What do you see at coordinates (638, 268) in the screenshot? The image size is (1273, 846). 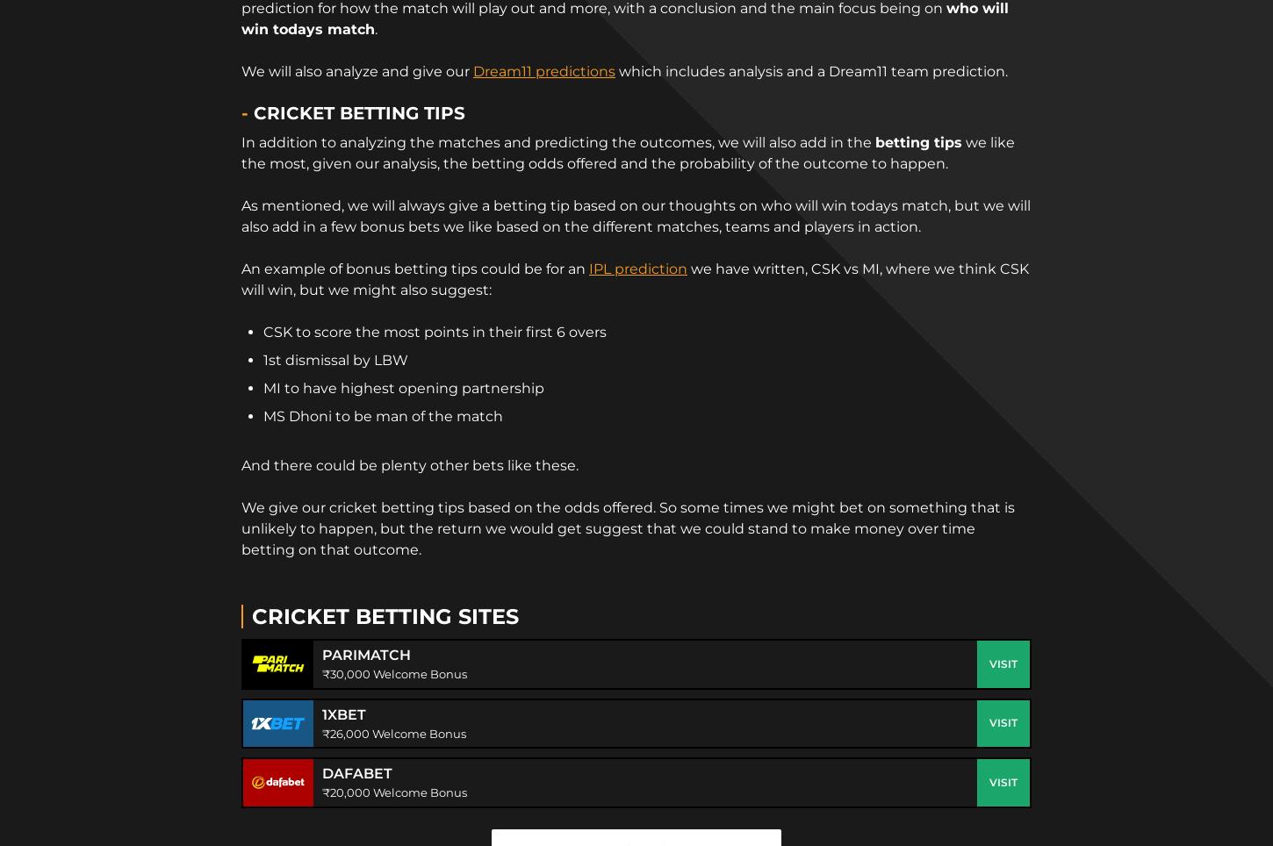 I see `'IPL prediction'` at bounding box center [638, 268].